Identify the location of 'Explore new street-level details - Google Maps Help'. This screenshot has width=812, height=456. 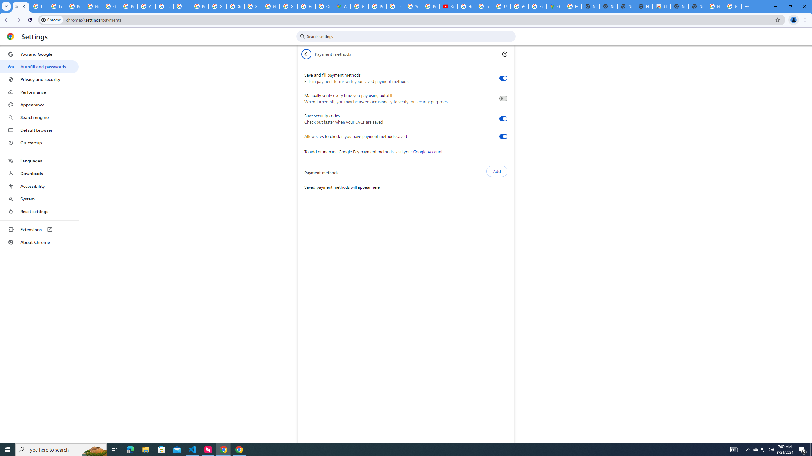
(537, 6).